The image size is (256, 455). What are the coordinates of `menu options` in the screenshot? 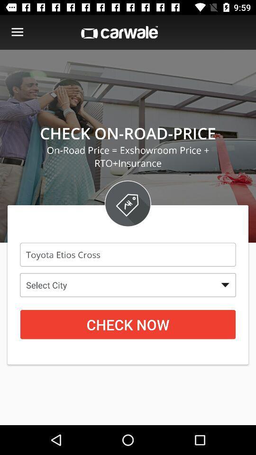 It's located at (17, 32).